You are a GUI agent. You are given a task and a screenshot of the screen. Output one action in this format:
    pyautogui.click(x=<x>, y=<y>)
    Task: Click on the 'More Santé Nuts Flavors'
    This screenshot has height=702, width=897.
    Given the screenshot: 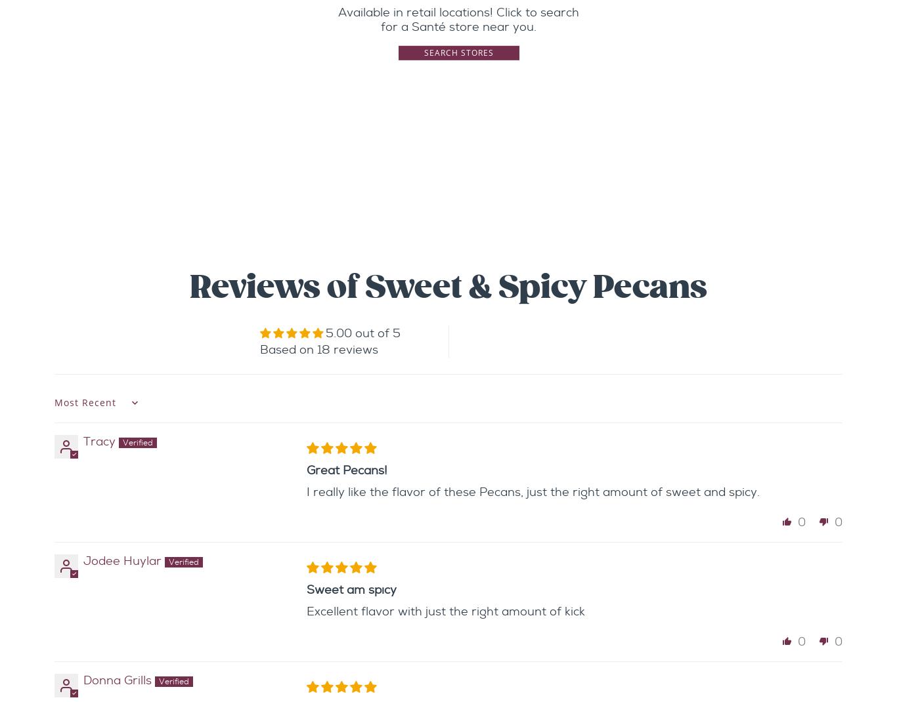 What is the action you would take?
    pyautogui.click(x=448, y=217)
    